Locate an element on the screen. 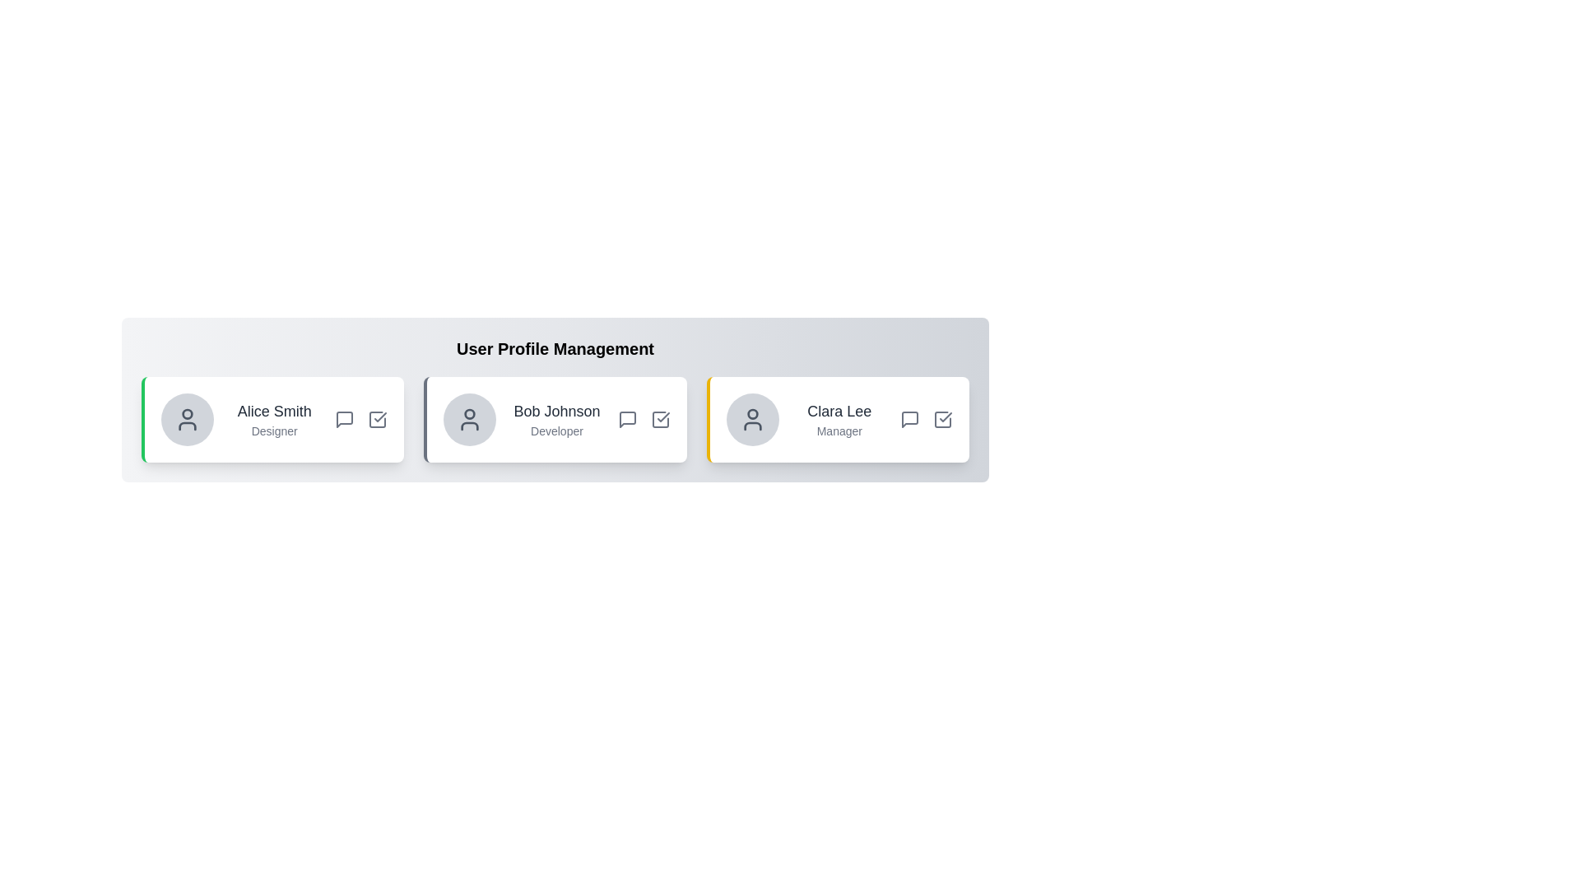 Image resolution: width=1580 pixels, height=889 pixels. text label indicating the user's role as 'Designer', which is located below 'Alice Smith' in the user profile card under the 'User Profile Management' section is located at coordinates (274, 431).